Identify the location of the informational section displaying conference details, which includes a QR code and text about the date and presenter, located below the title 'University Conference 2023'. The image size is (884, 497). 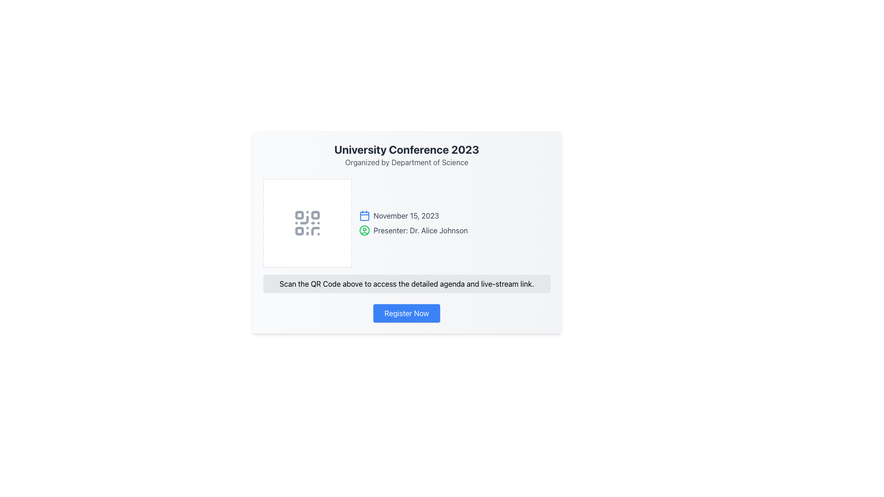
(406, 223).